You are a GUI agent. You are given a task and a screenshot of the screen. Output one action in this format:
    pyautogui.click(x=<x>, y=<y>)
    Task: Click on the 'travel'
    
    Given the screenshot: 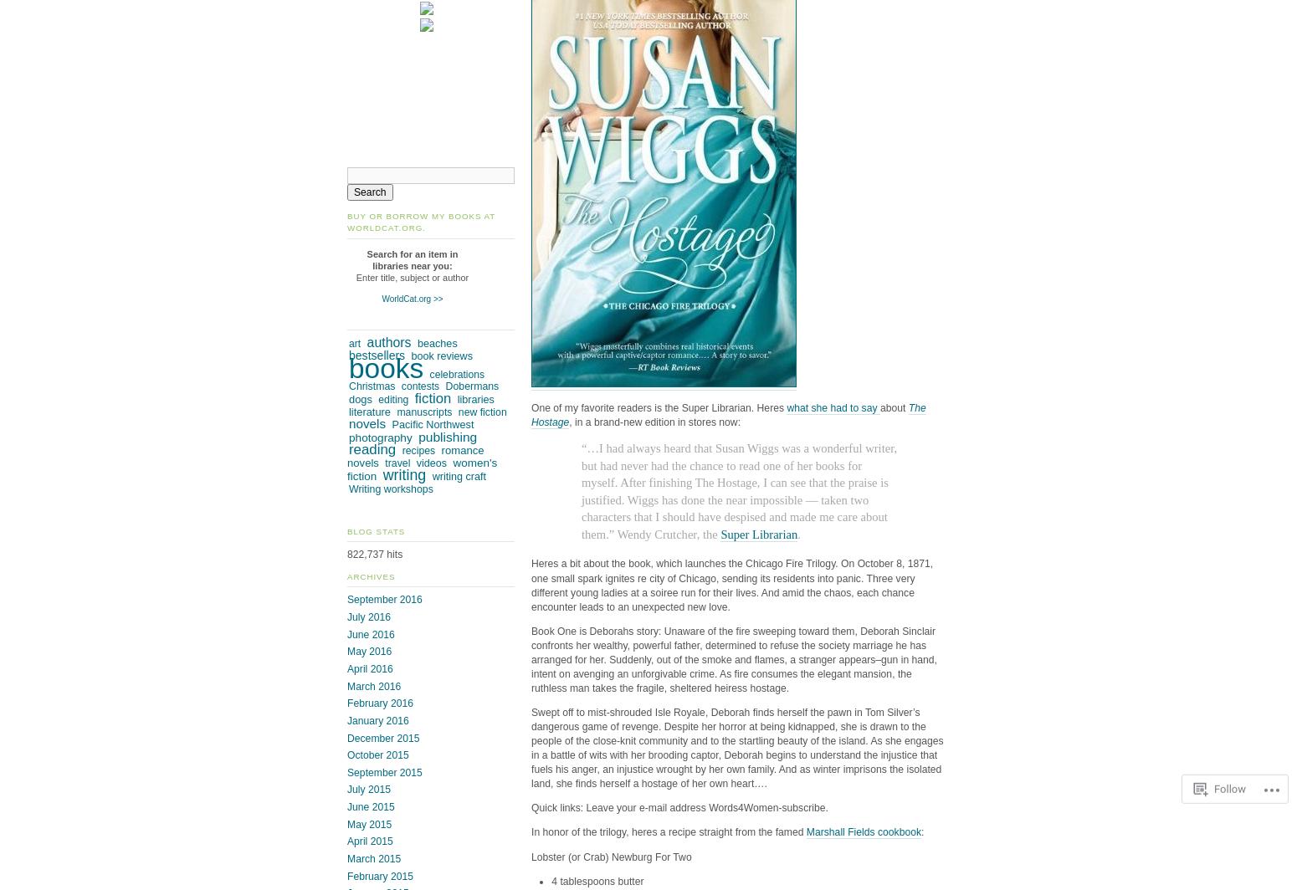 What is the action you would take?
    pyautogui.click(x=397, y=462)
    